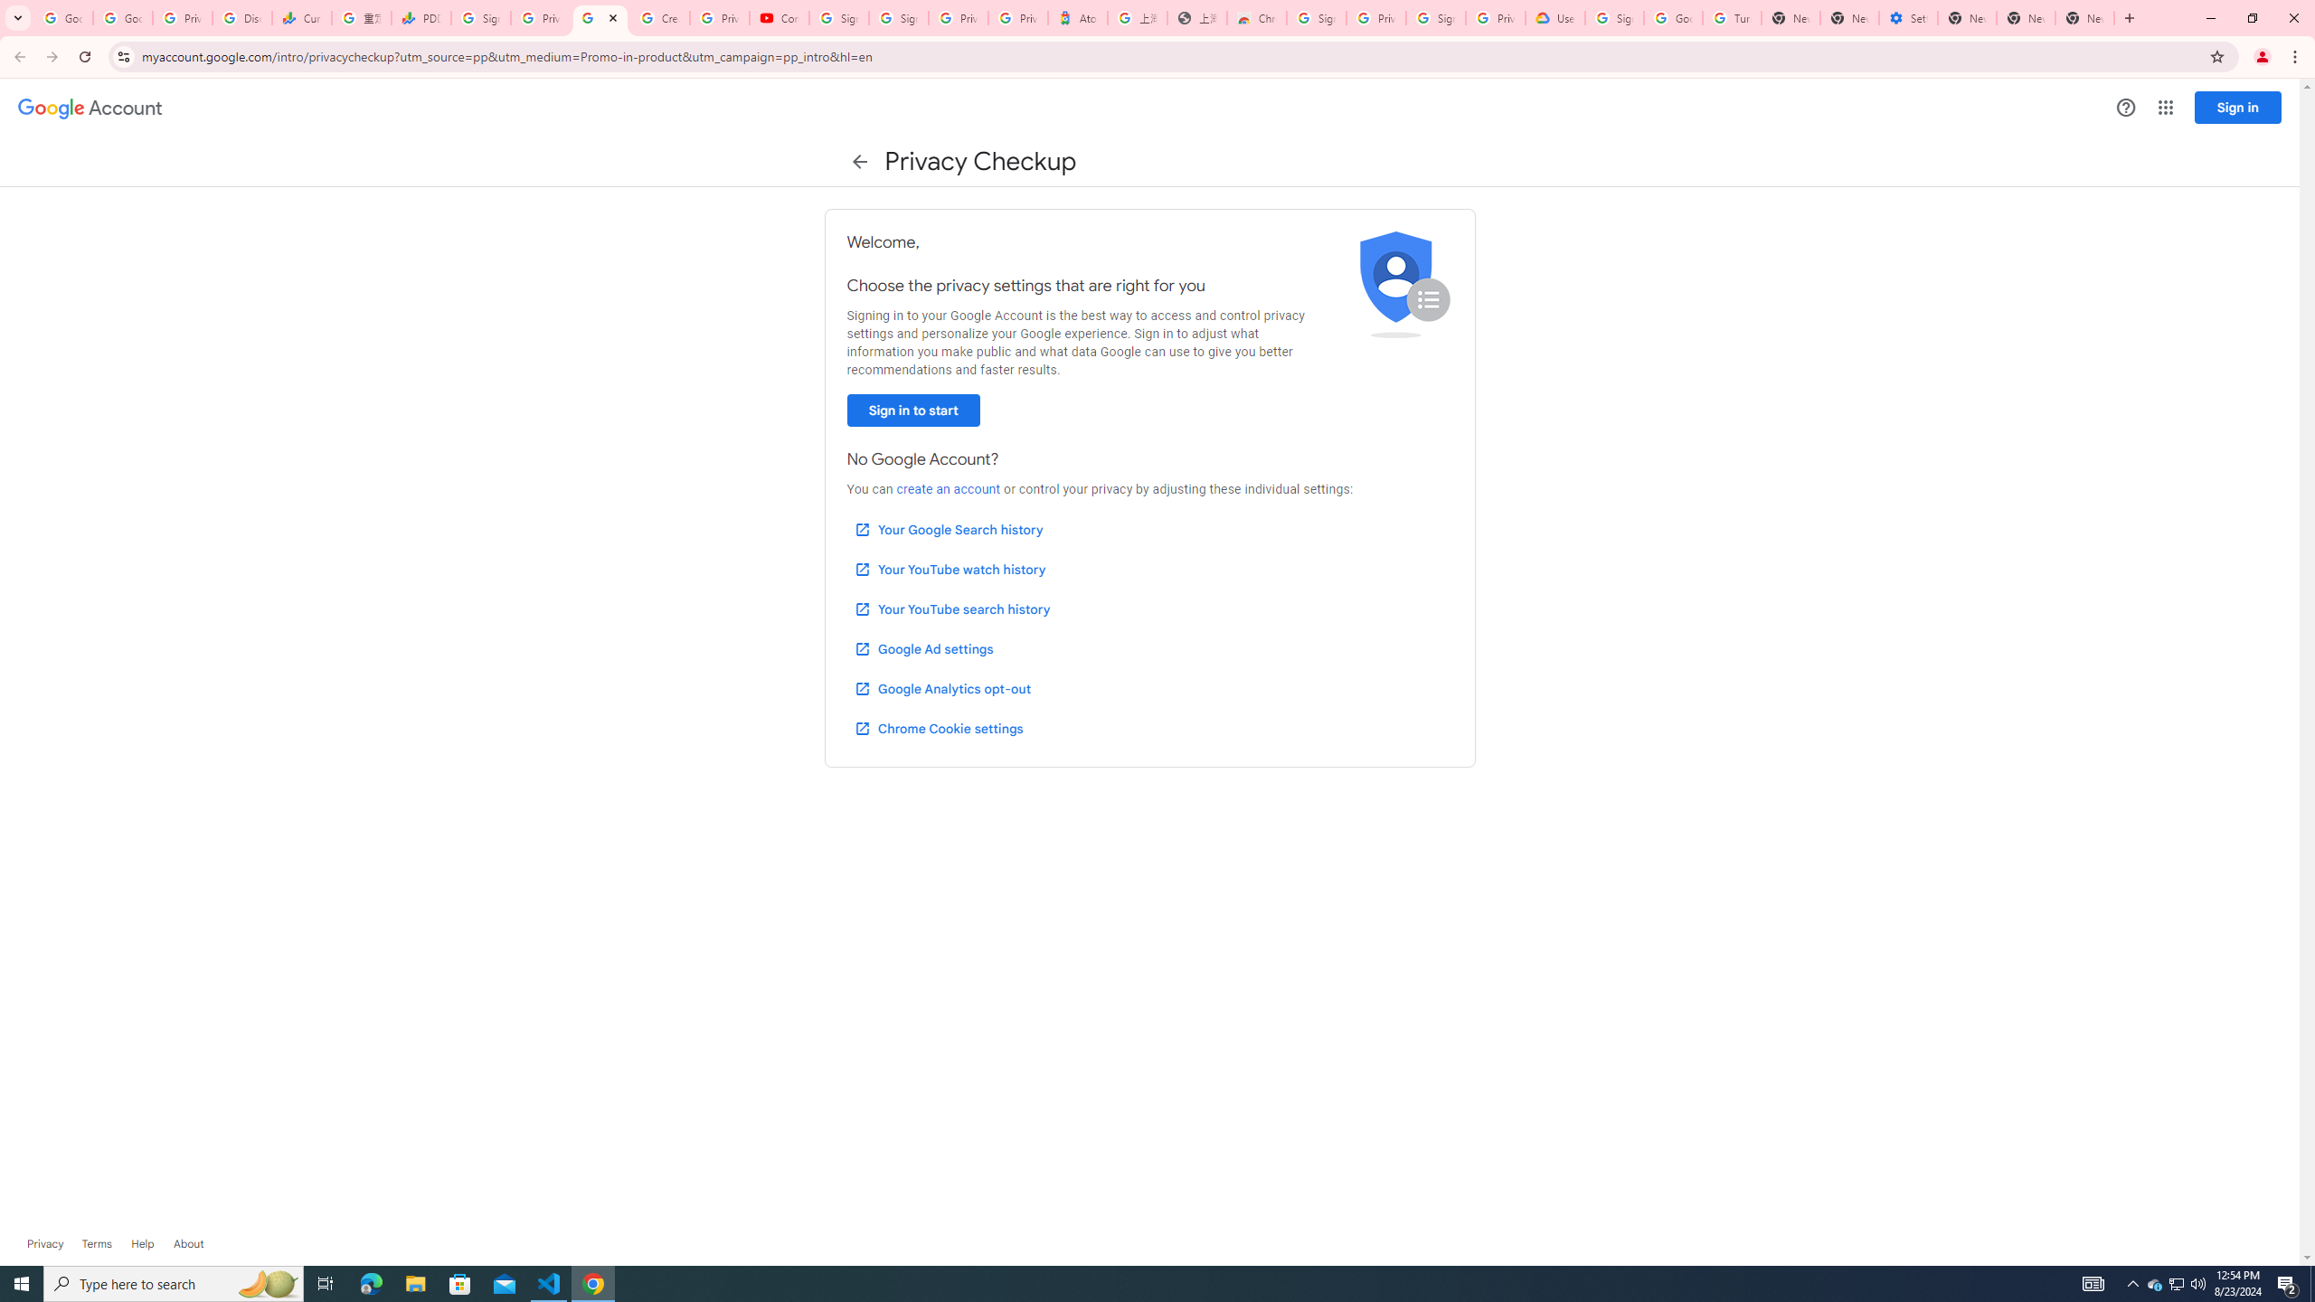 Image resolution: width=2315 pixels, height=1302 pixels. Describe the element at coordinates (1076, 17) in the screenshot. I see `'Atour Hotel - Google hotels'` at that location.